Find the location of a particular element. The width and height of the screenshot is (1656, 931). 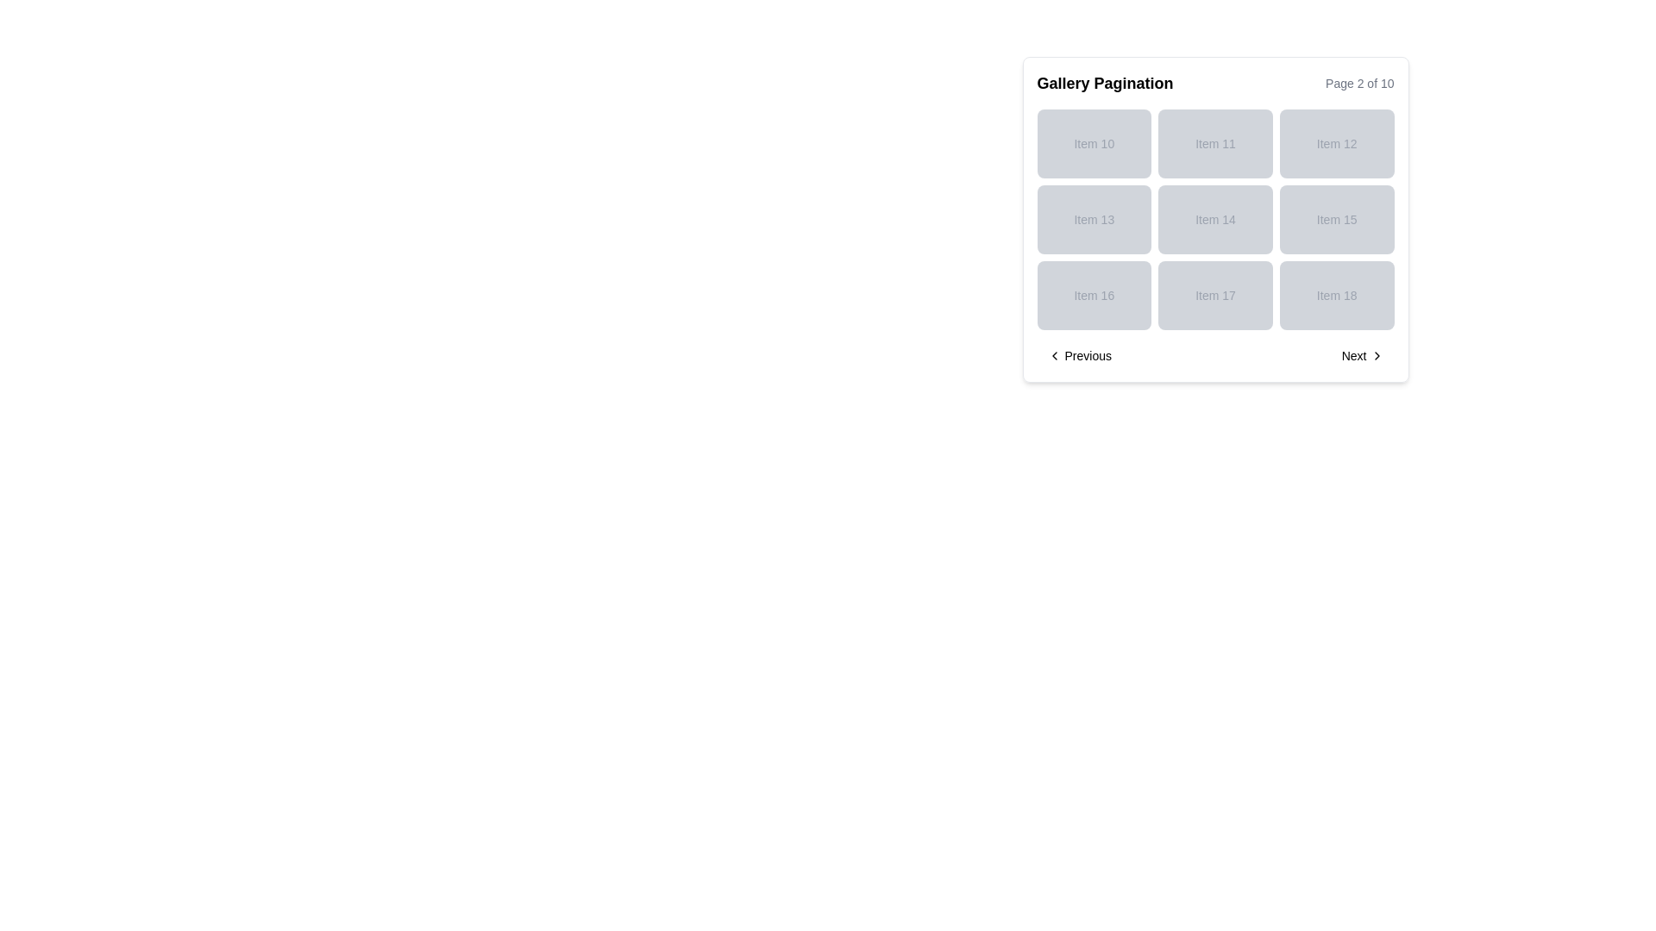

the chevron-right icon located within the 'Next' button at the bottom-right corner of the interface is located at coordinates (1376, 354).